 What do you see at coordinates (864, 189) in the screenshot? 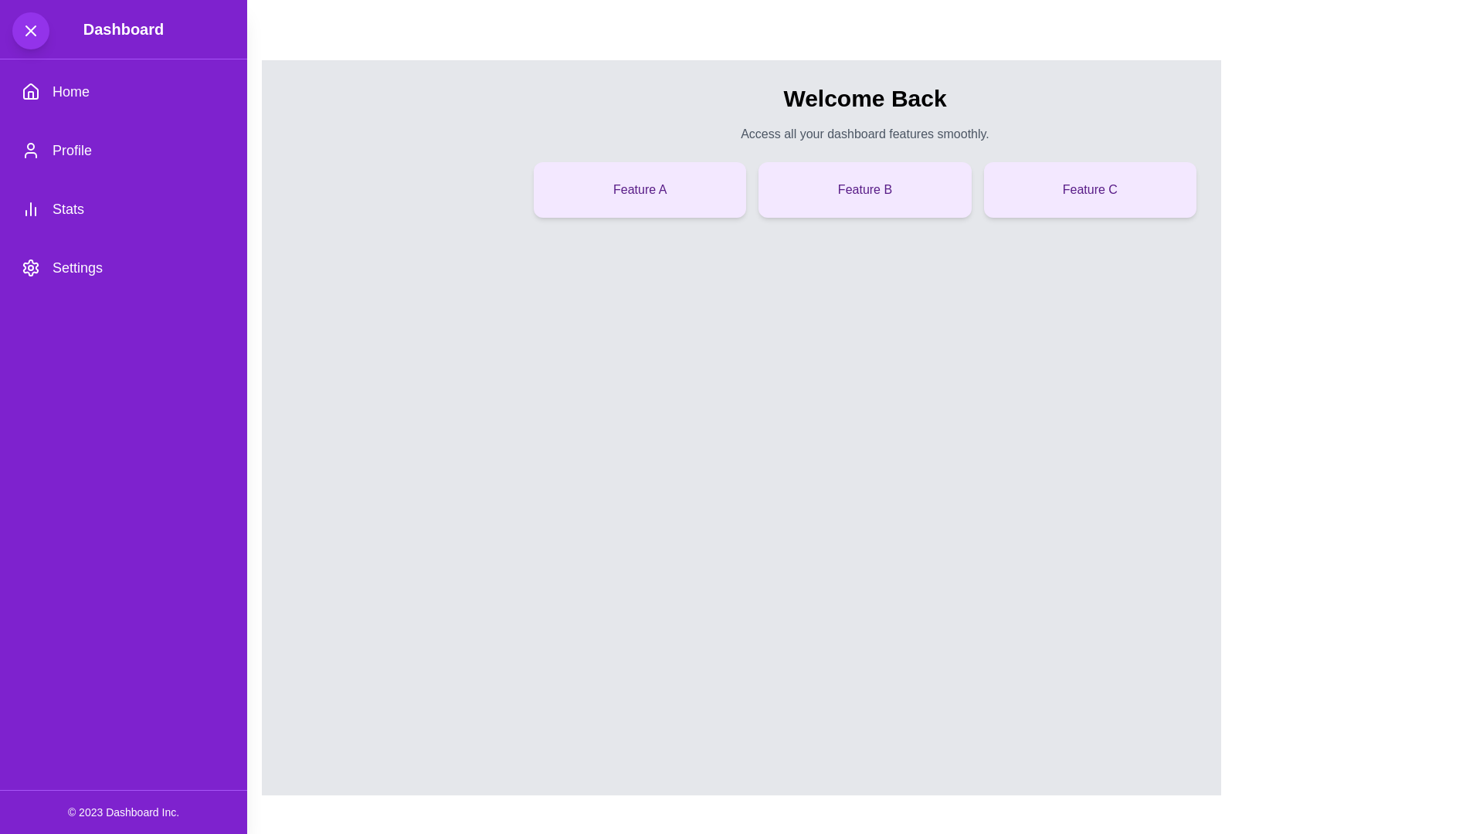
I see `the grid layout of feature cards located below the text 'Access all your dashboard features smoothly.'` at bounding box center [864, 189].